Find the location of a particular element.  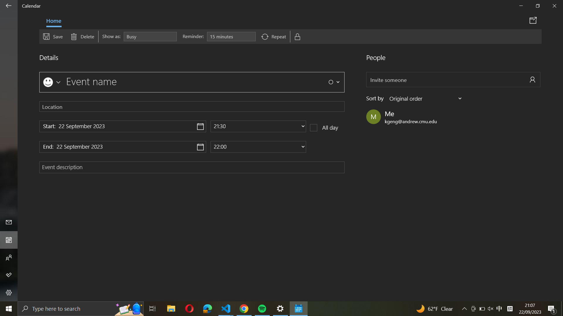

Disseminate event information via calendar utility is located at coordinates (534, 20).